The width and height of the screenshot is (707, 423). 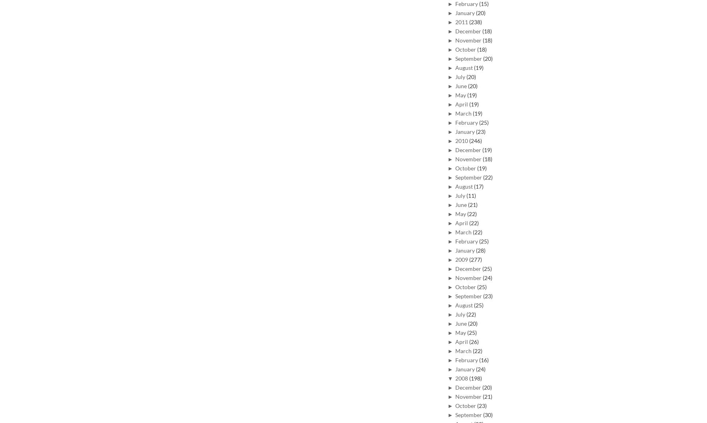 I want to click on '(11)', so click(x=471, y=195).